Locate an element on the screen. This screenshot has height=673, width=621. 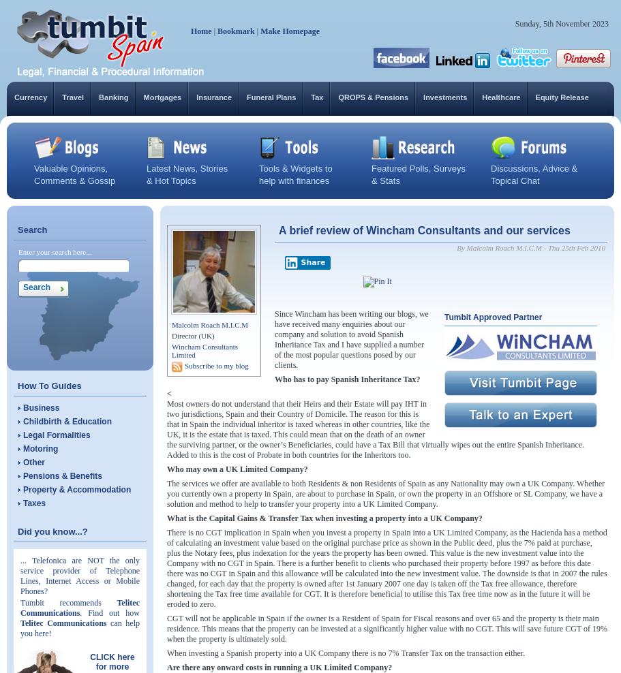
'can help you here!' is located at coordinates (79, 627).